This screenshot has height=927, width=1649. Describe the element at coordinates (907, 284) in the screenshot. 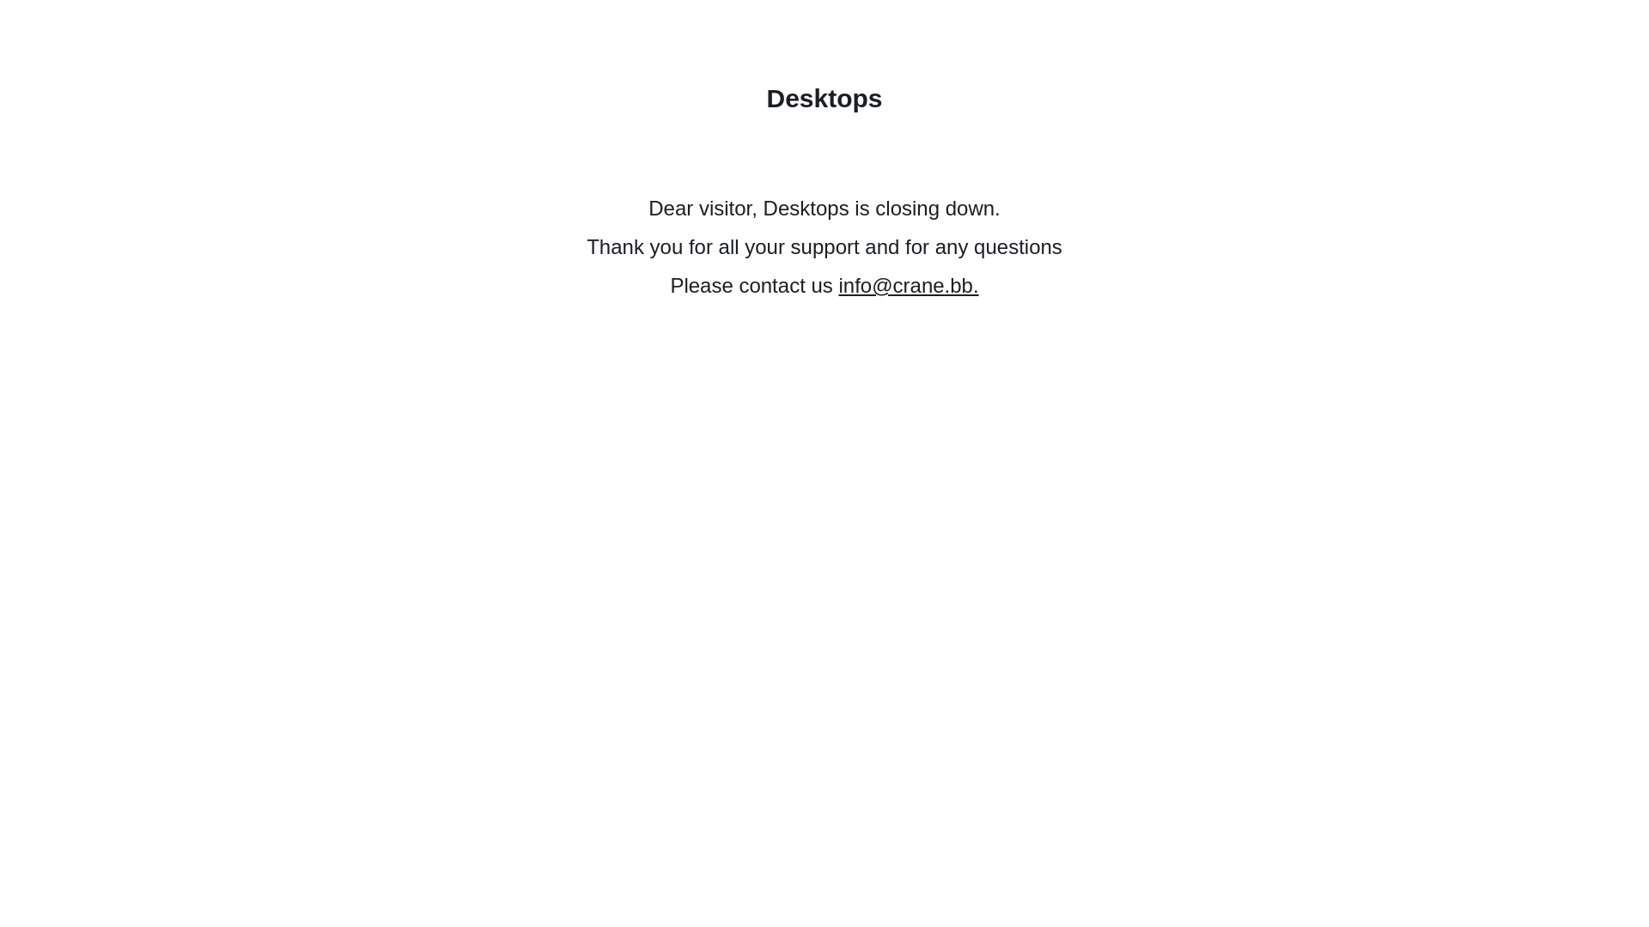

I see `'info@crane.bb.'` at that location.